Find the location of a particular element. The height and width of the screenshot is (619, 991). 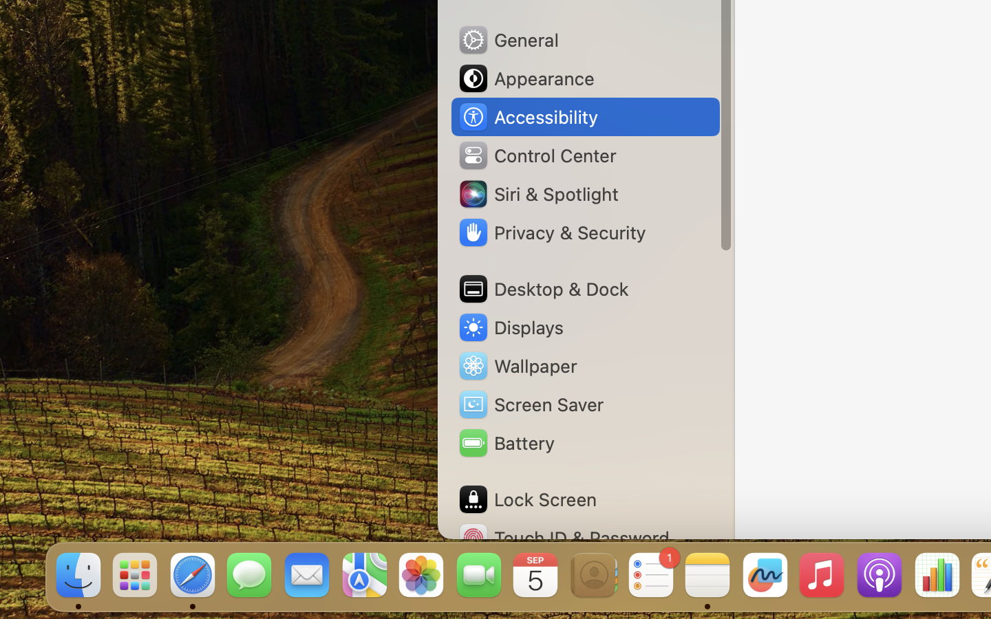

'Displays' is located at coordinates (510, 327).